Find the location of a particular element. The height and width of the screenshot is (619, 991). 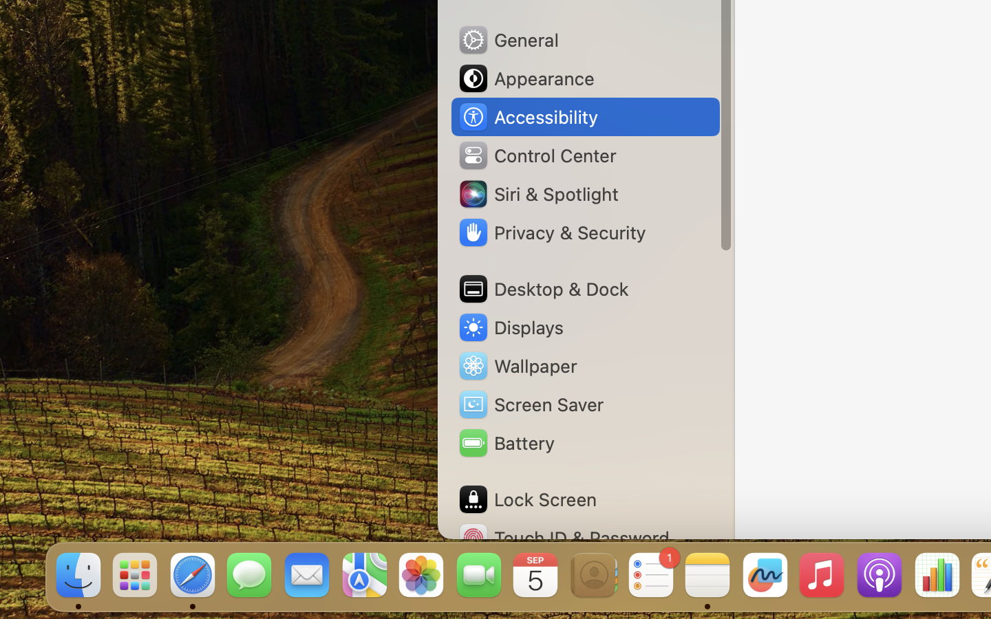

'Displays' is located at coordinates (510, 327).